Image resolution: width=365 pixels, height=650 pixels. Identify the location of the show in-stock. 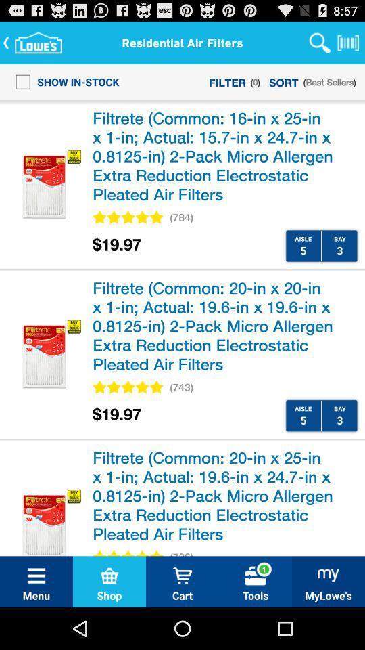
(63, 81).